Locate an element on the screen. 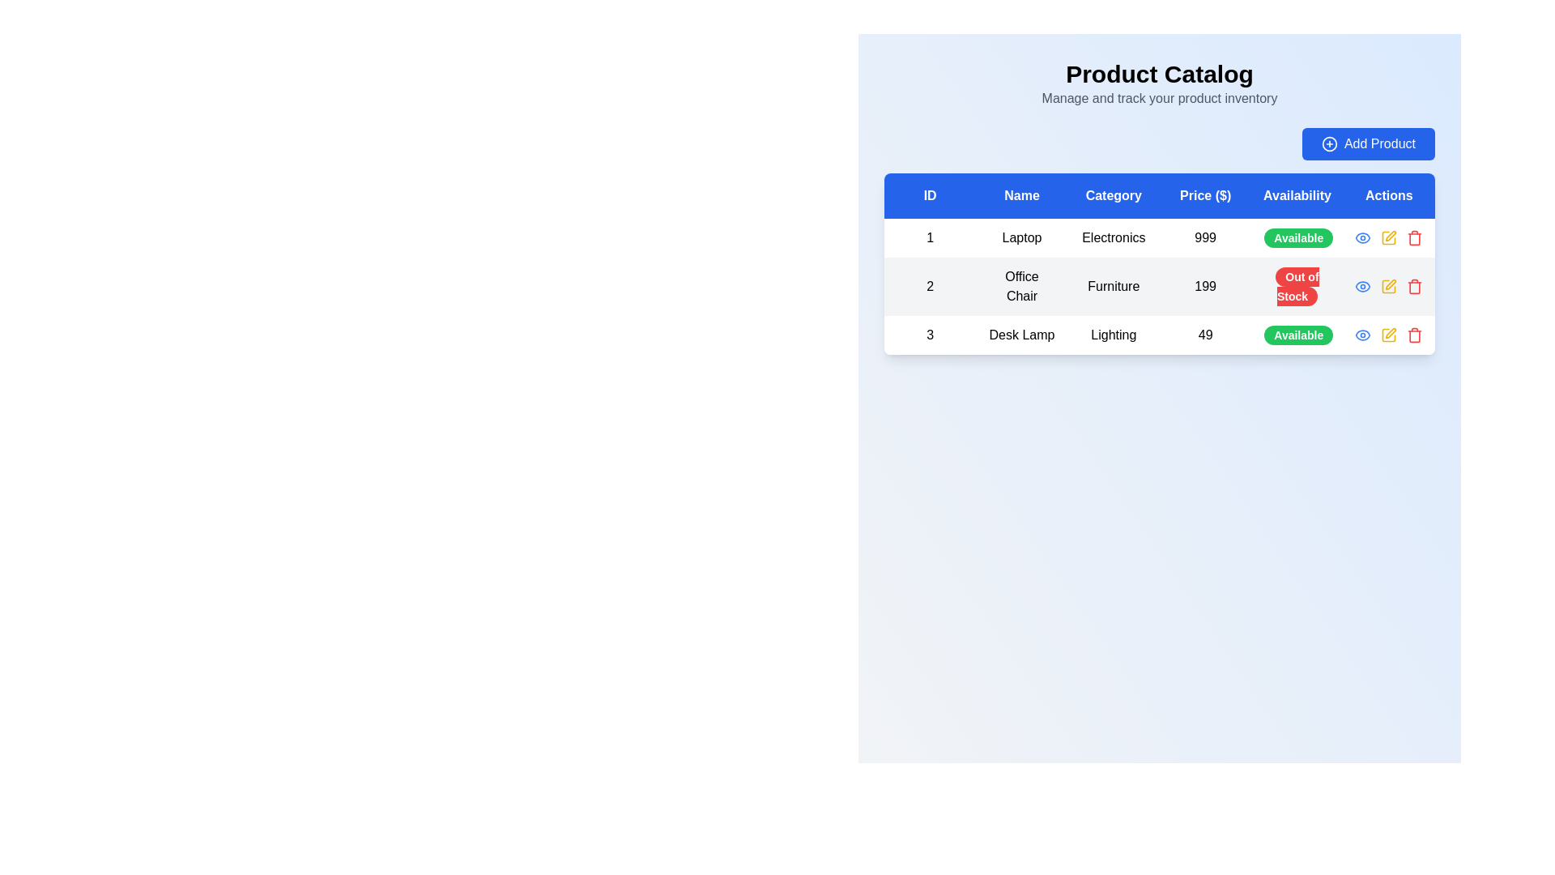  the edit button for the 'Office Chair' item, which is the second action button in the 'Actions' column of the product table, located between a blue button and a red button is located at coordinates (1388, 286).